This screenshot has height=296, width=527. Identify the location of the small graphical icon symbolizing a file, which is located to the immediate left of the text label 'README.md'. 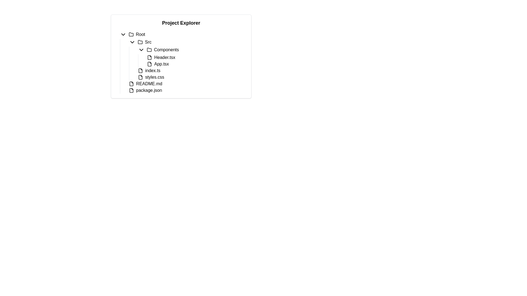
(131, 84).